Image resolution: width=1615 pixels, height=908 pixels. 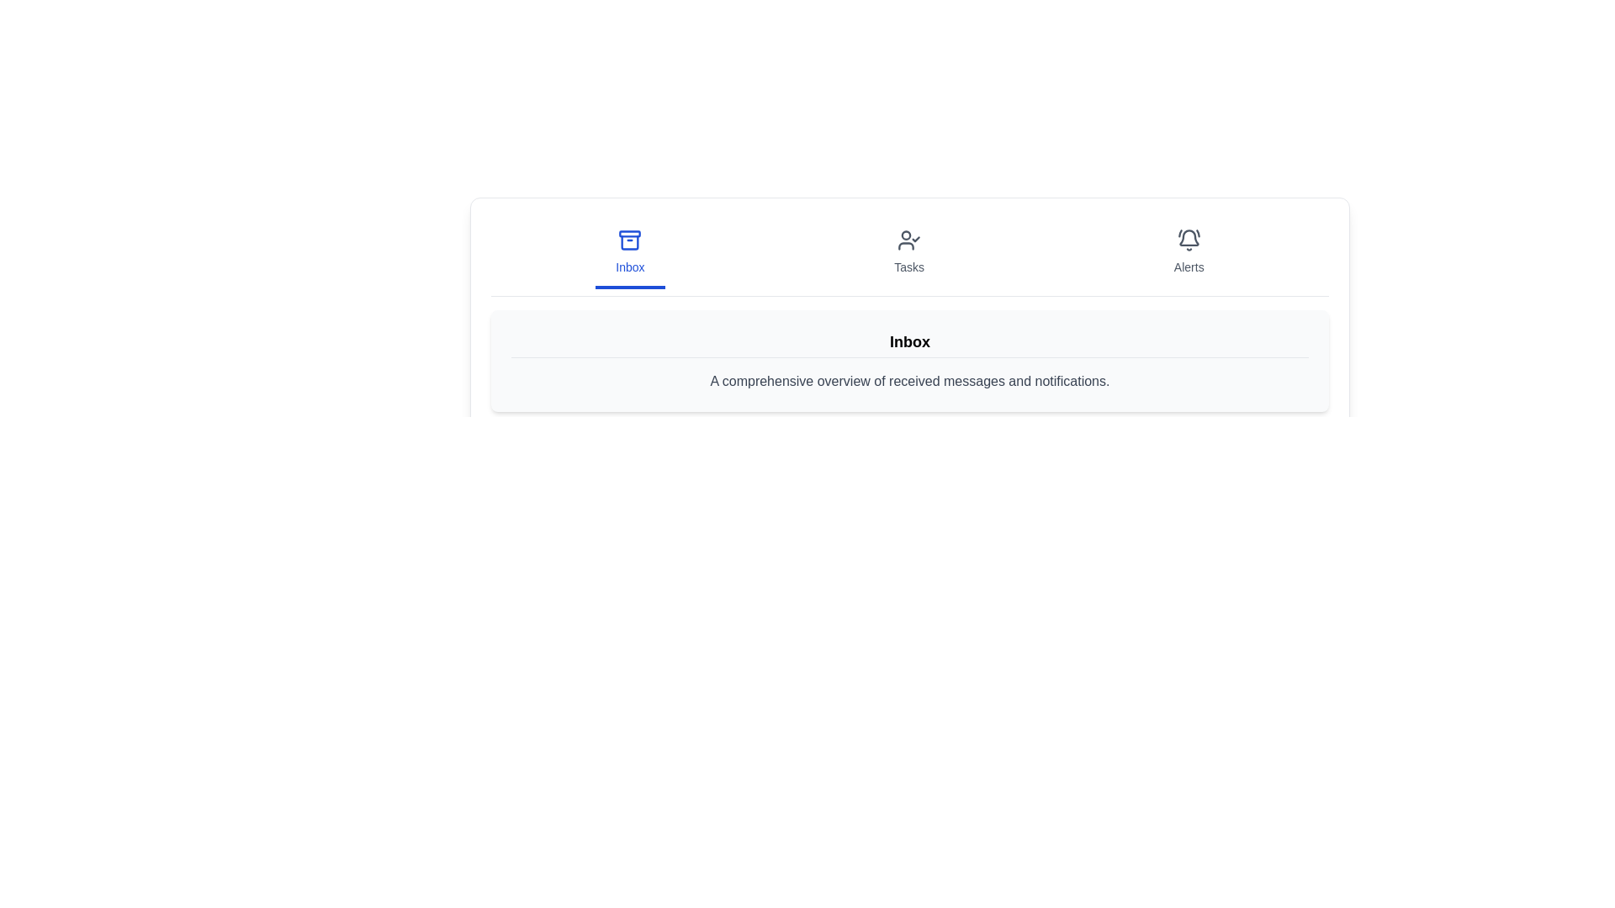 What do you see at coordinates (1188, 253) in the screenshot?
I see `the tab icon corresponding to Alerts` at bounding box center [1188, 253].